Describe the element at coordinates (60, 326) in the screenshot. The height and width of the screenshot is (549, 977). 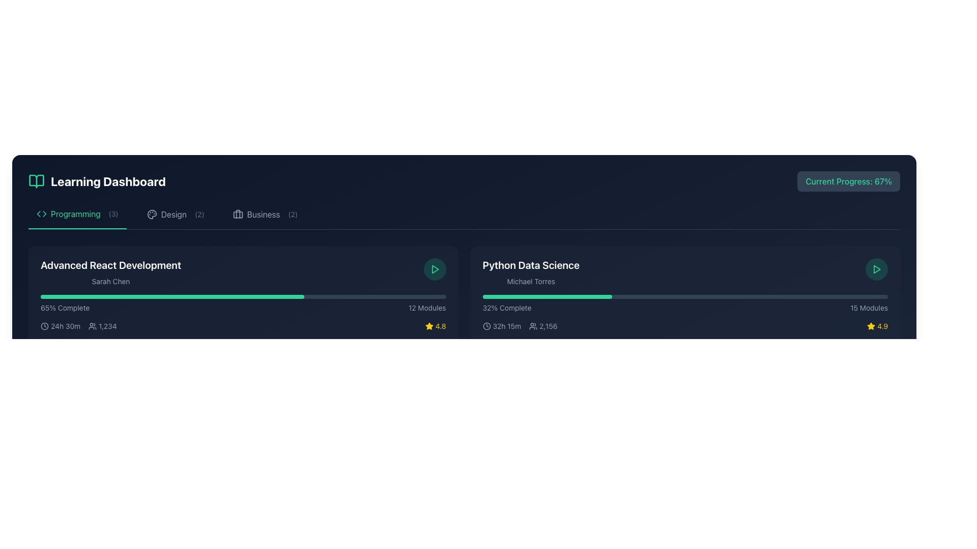
I see `the text-based informational UI component that displays '24h 30m' with a clock icon` at that location.